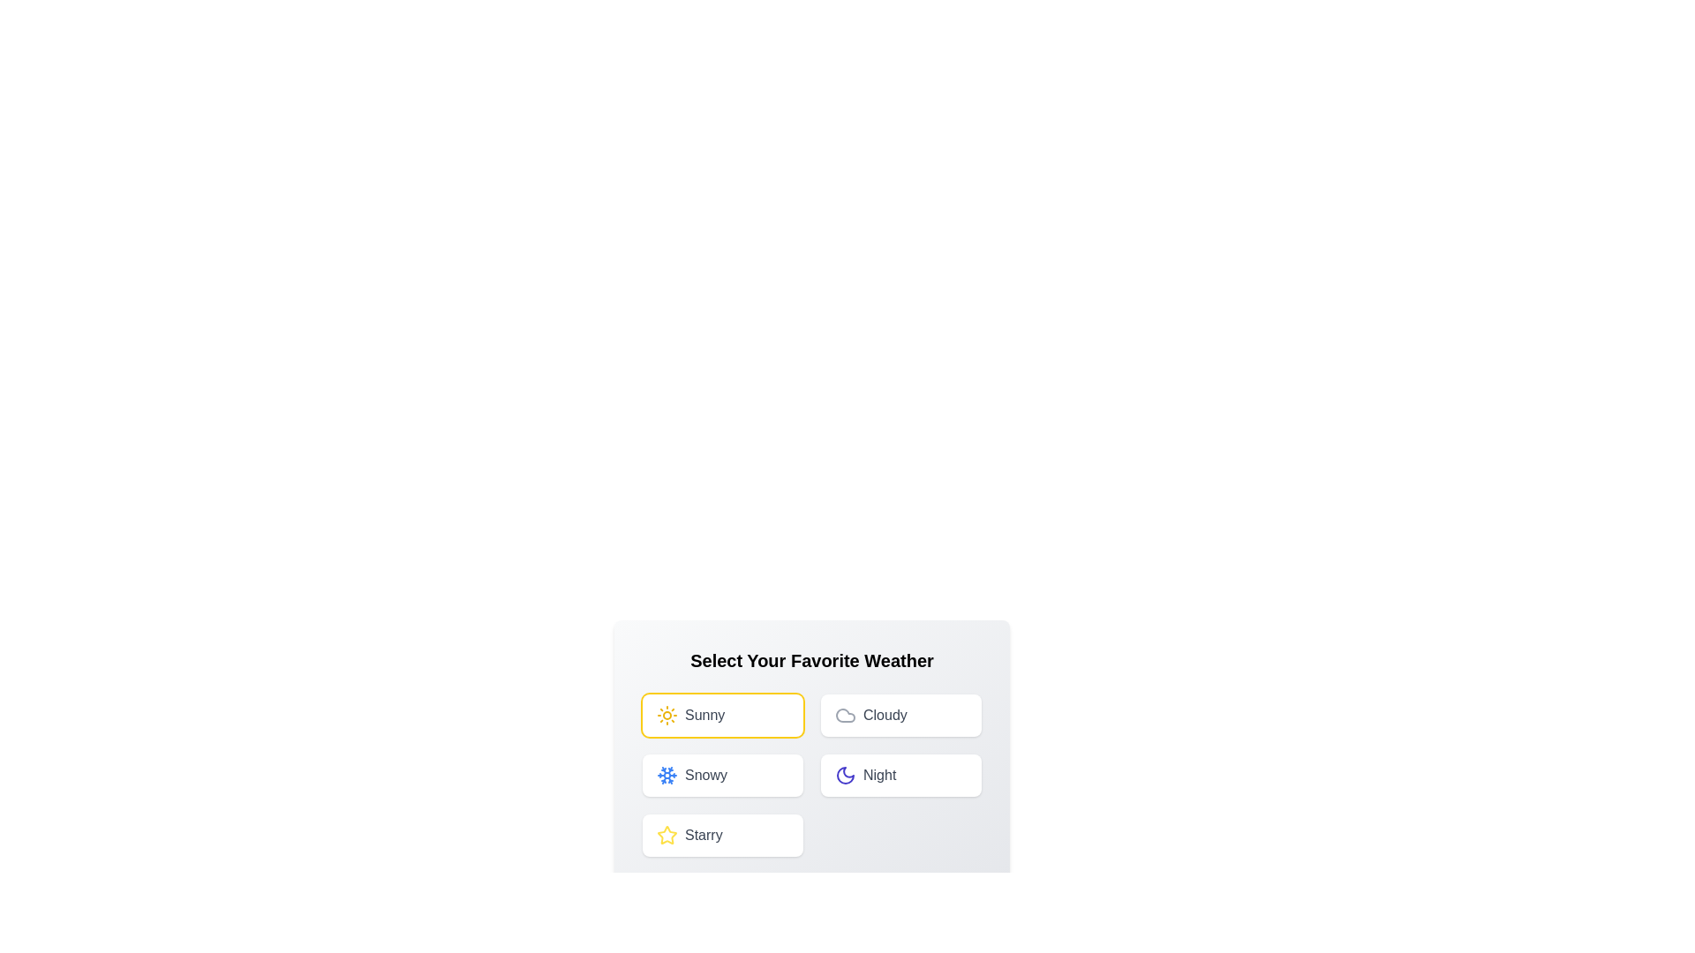 This screenshot has width=1695, height=953. I want to click on the 'Night' weather option label, which is positioned to the right of the crescent moon icon in the weather preferences interface, so click(879, 775).